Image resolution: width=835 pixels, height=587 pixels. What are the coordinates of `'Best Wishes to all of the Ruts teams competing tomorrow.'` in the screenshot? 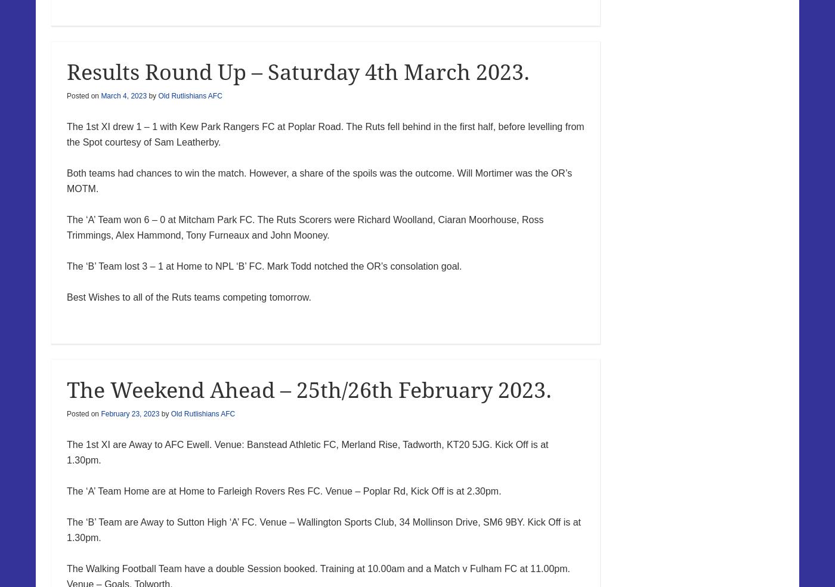 It's located at (67, 296).